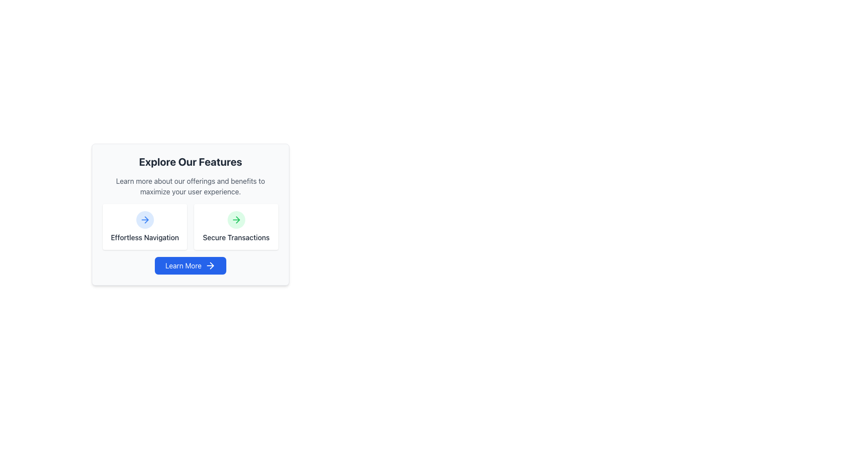 This screenshot has height=476, width=847. What do you see at coordinates (145, 219) in the screenshot?
I see `the circular blue icon with a rightward arrow located at the top-left corner of the 'Effortless Navigation' card` at bounding box center [145, 219].